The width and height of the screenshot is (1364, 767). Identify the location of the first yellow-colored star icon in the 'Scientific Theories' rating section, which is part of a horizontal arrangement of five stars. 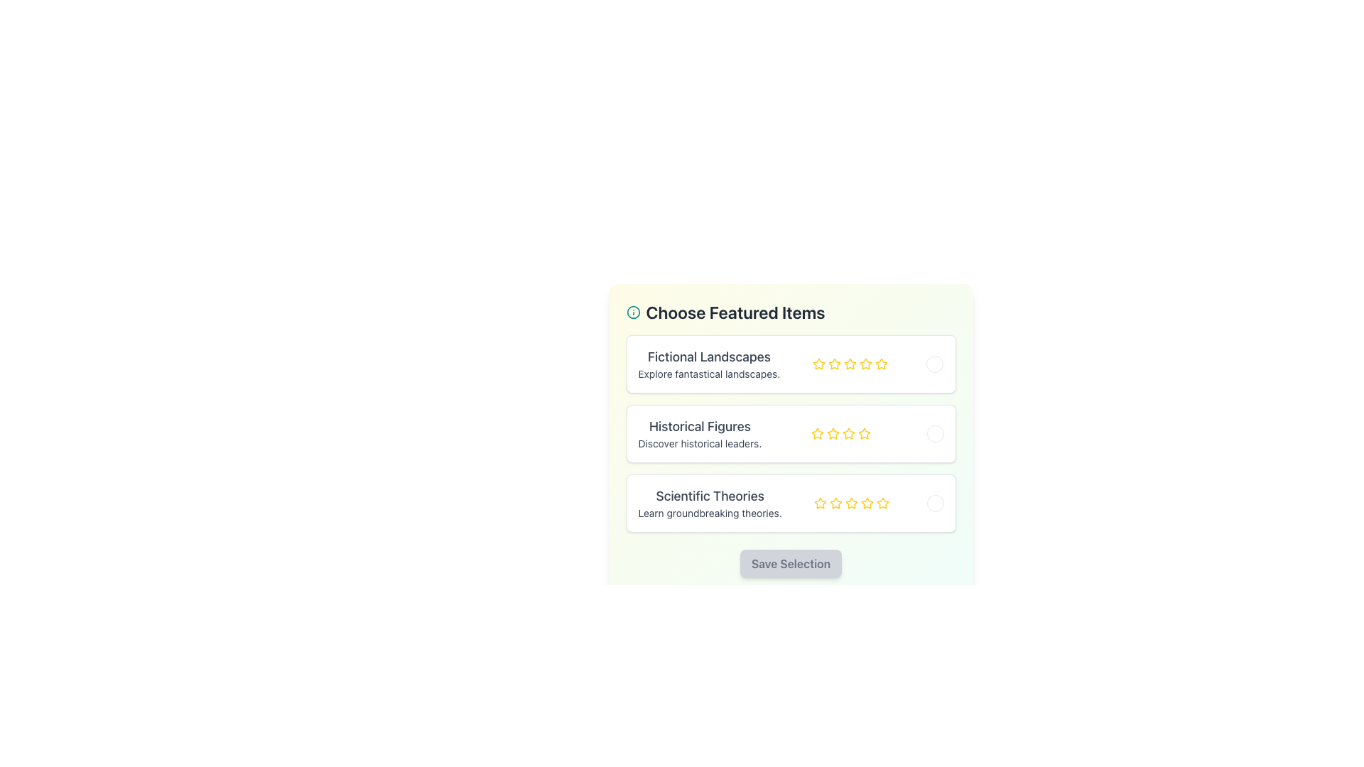
(820, 503).